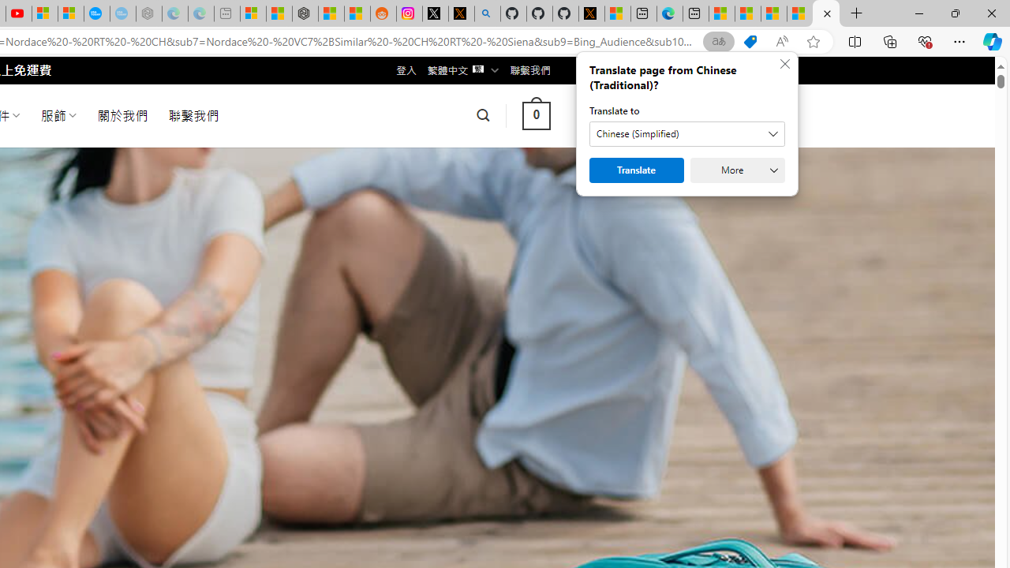 The image size is (1010, 568). I want to click on 'Opinion: Op-Ed and Commentary - USA TODAY', so click(96, 13).